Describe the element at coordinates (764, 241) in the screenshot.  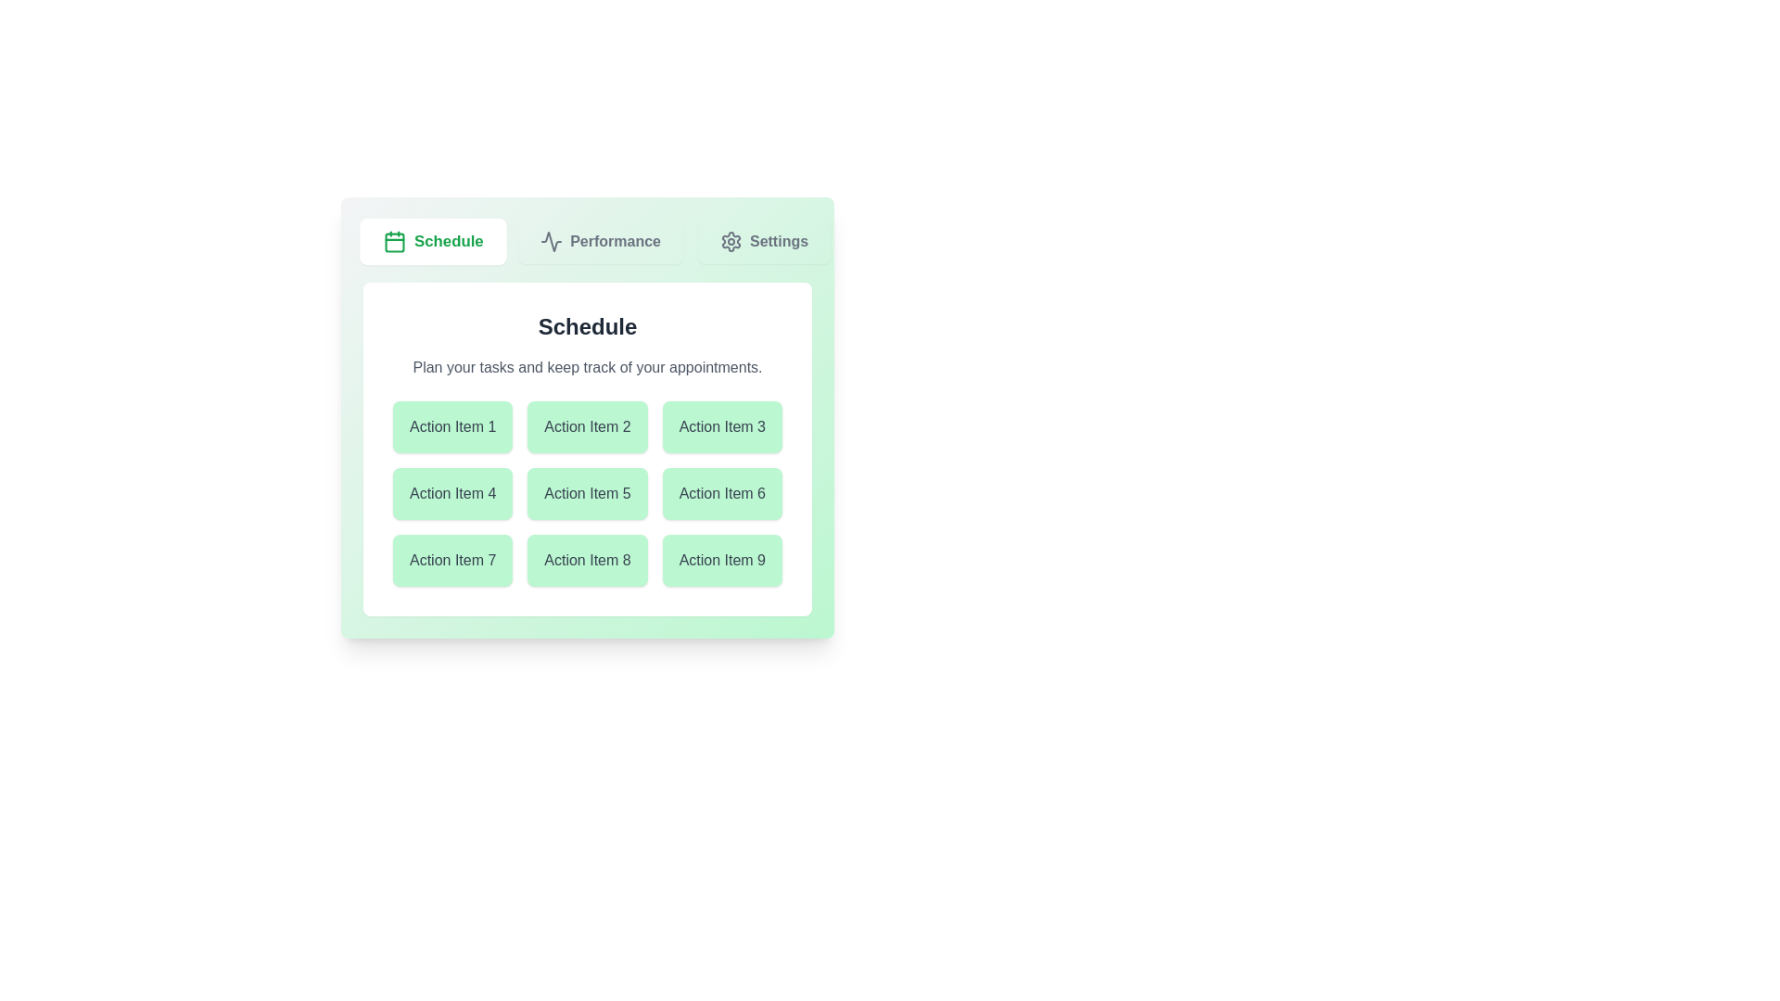
I see `the Settings tab` at that location.